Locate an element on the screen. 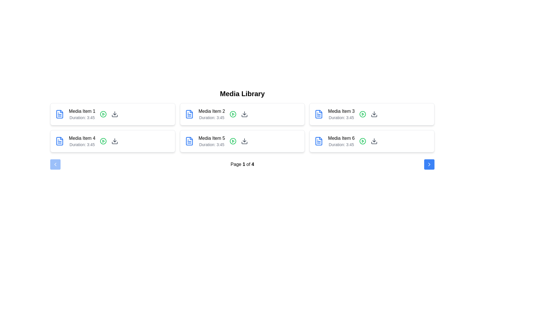  the Download Icon button located at the far right of the row labeled 'Media Item 5' is located at coordinates (245, 141).